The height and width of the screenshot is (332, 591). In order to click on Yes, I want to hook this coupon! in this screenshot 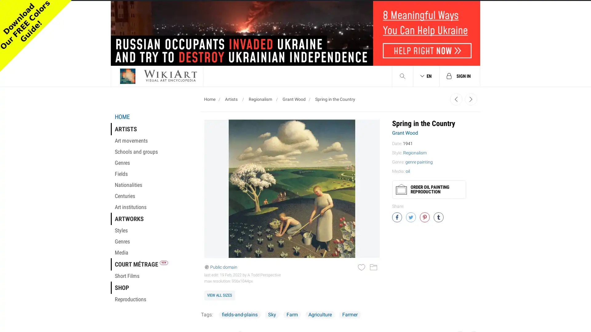, I will do `click(233, 147)`.